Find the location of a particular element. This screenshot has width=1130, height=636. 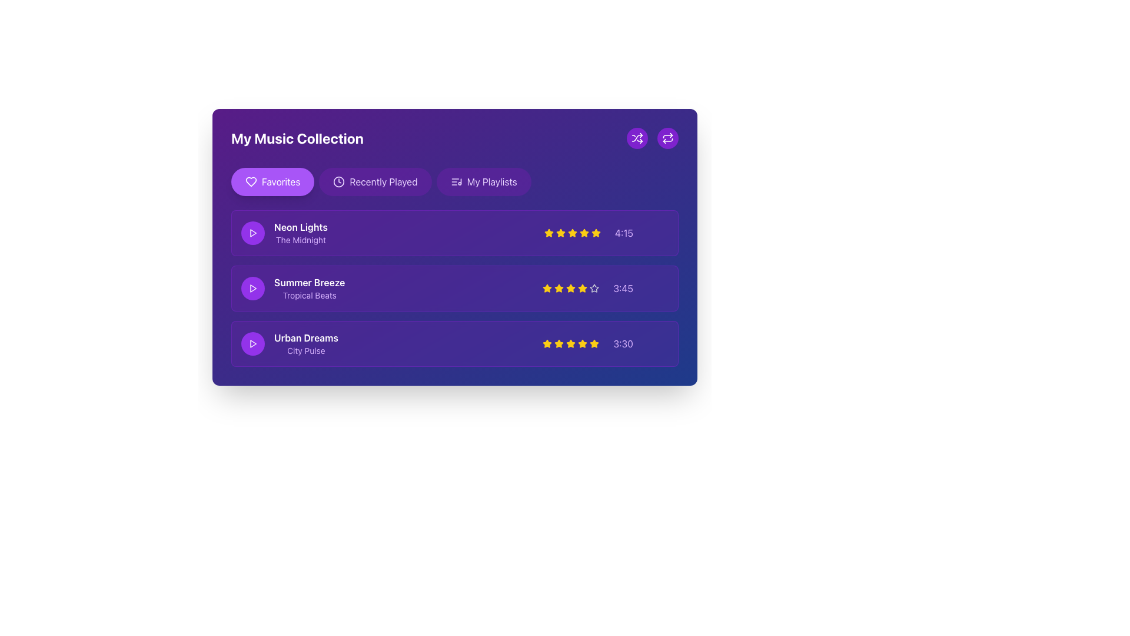

the header title text element located at the top of the interface by moving the cursor to its center point is located at coordinates (454, 138).